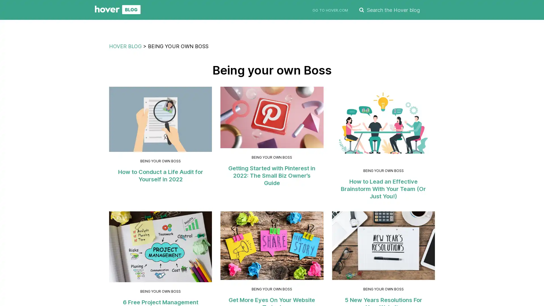 The image size is (544, 306). Describe the element at coordinates (361, 10) in the screenshot. I see `SEARCH` at that location.